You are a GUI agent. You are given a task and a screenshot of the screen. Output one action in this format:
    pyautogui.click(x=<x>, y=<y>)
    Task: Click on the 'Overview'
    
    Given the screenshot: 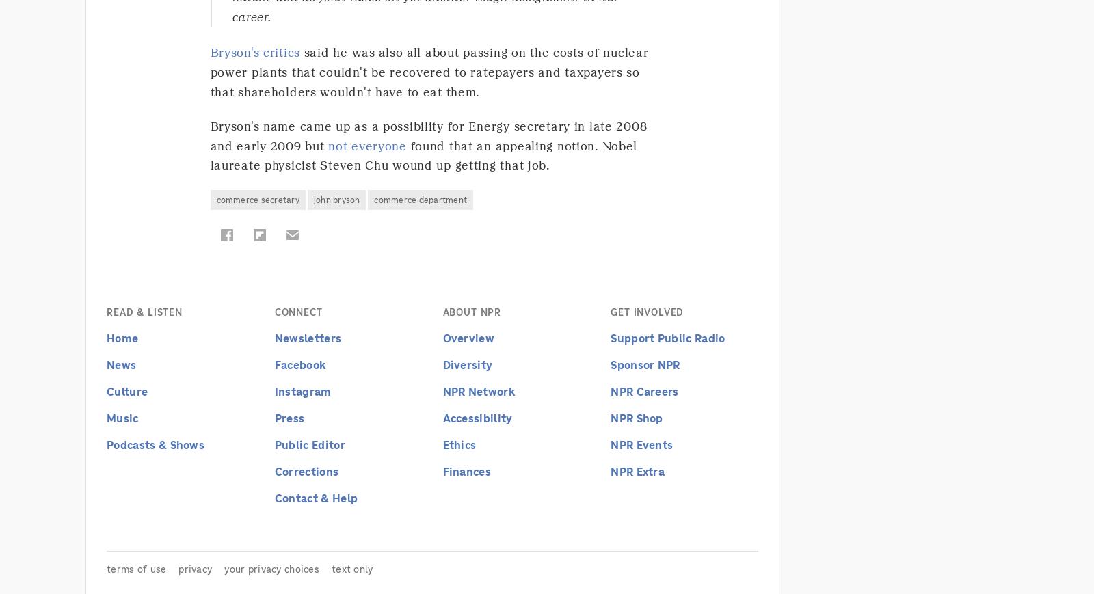 What is the action you would take?
    pyautogui.click(x=442, y=338)
    